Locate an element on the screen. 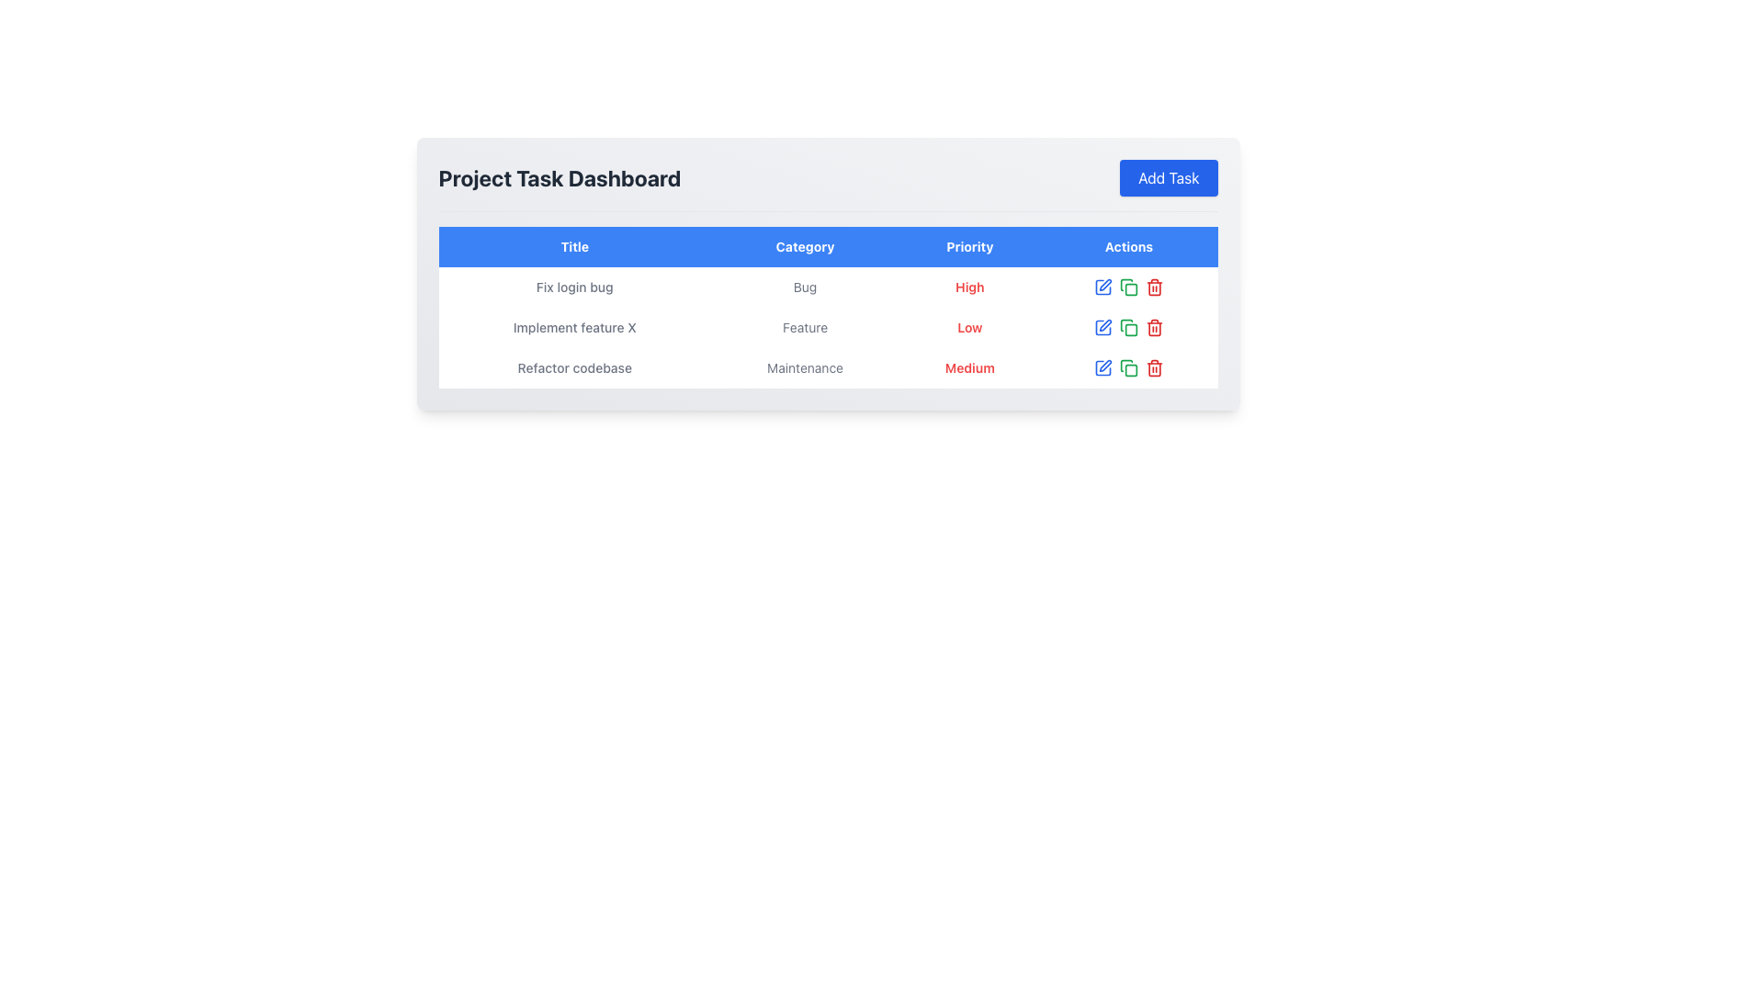 The width and height of the screenshot is (1764, 992). the 'Priority' Table Header Cell, which is the third cell in a row of four header cells in a table, located at the top of the table is located at coordinates (968, 246).